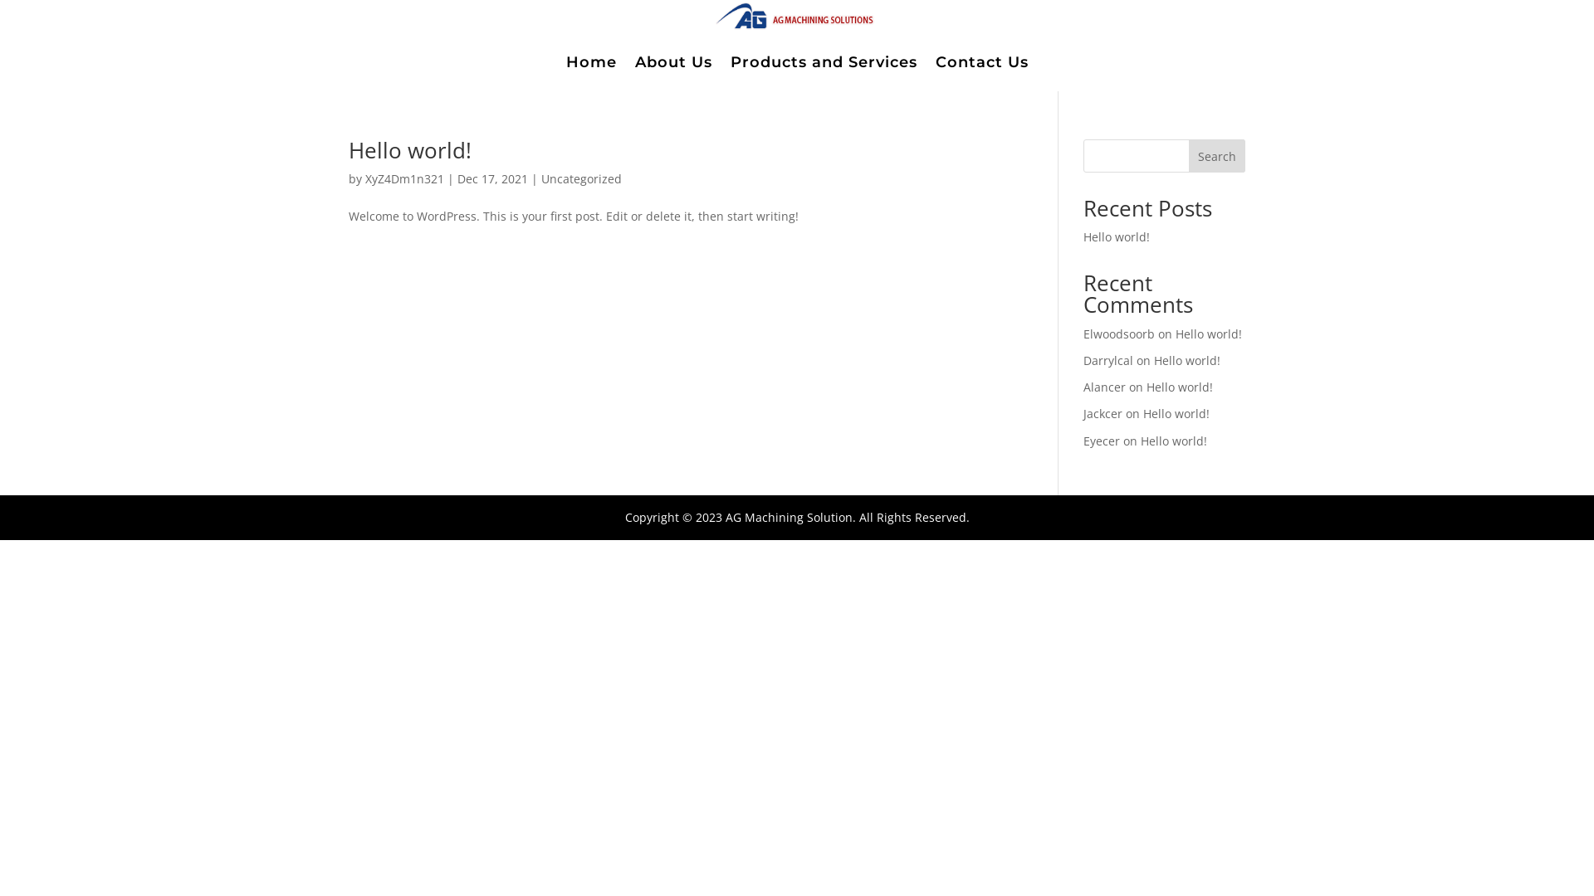  What do you see at coordinates (1083, 359) in the screenshot?
I see `'Darrylcal'` at bounding box center [1083, 359].